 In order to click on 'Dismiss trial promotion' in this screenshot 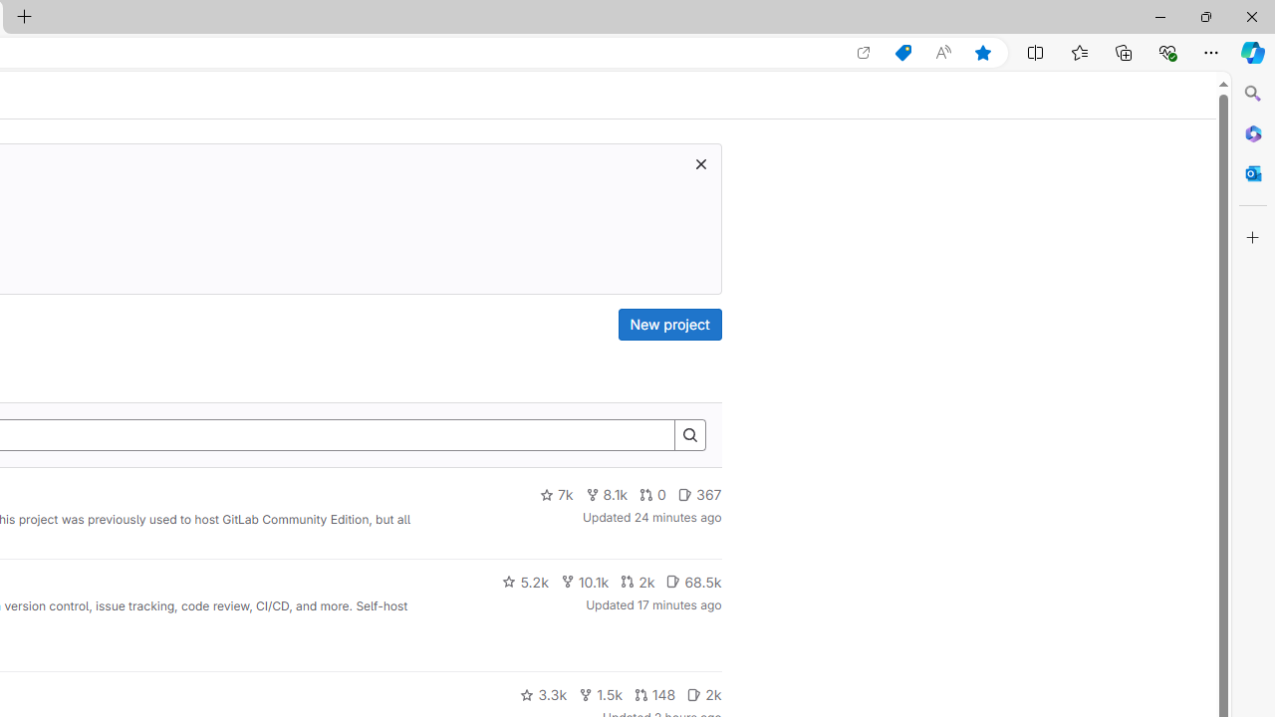, I will do `click(700, 162)`.